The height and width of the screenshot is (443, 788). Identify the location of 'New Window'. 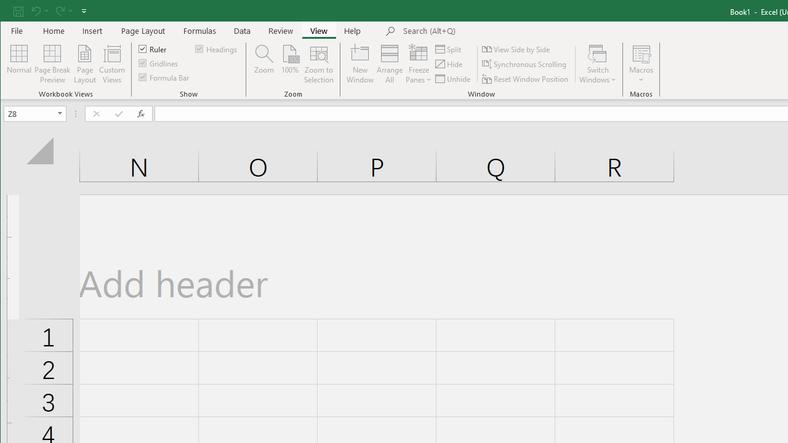
(360, 64).